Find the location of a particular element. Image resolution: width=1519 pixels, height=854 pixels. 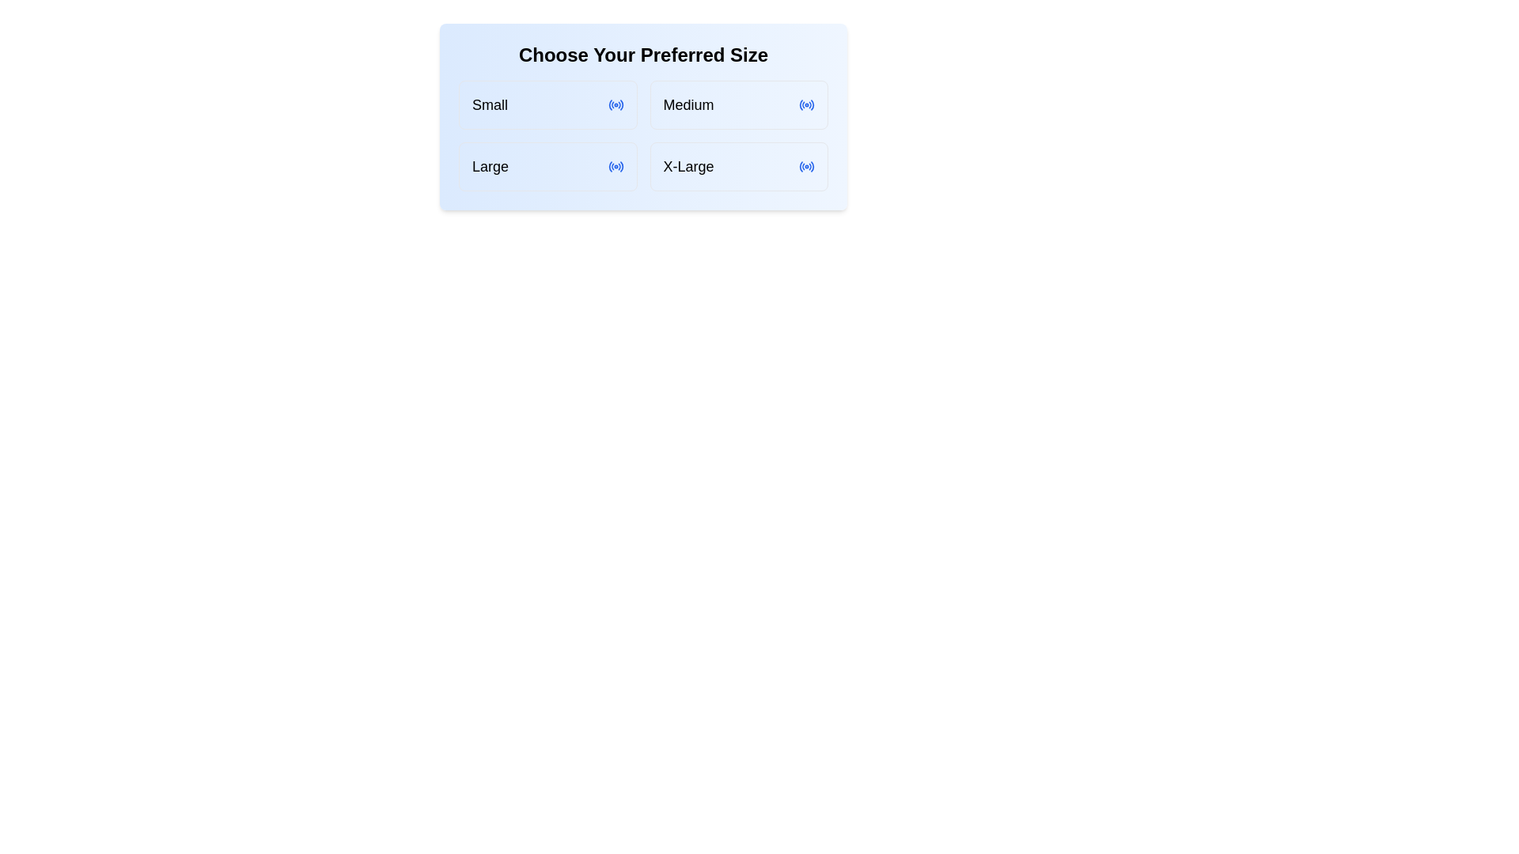

the header text 'Choose Your Preferred Size' which is styled in a large, bold font at the top of a light blue background card is located at coordinates (643, 54).